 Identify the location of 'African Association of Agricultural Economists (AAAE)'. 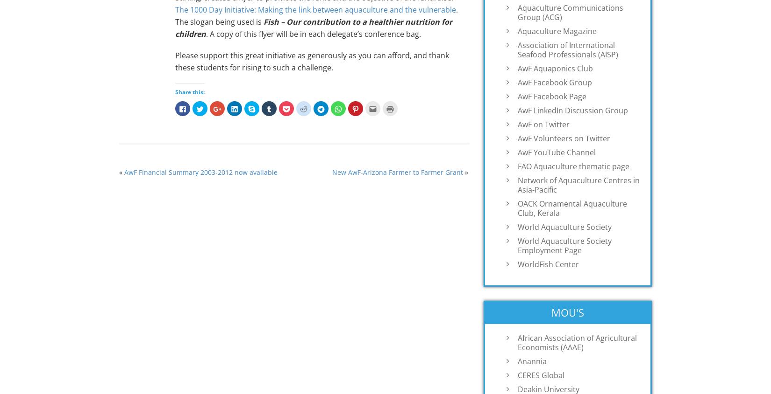
(577, 341).